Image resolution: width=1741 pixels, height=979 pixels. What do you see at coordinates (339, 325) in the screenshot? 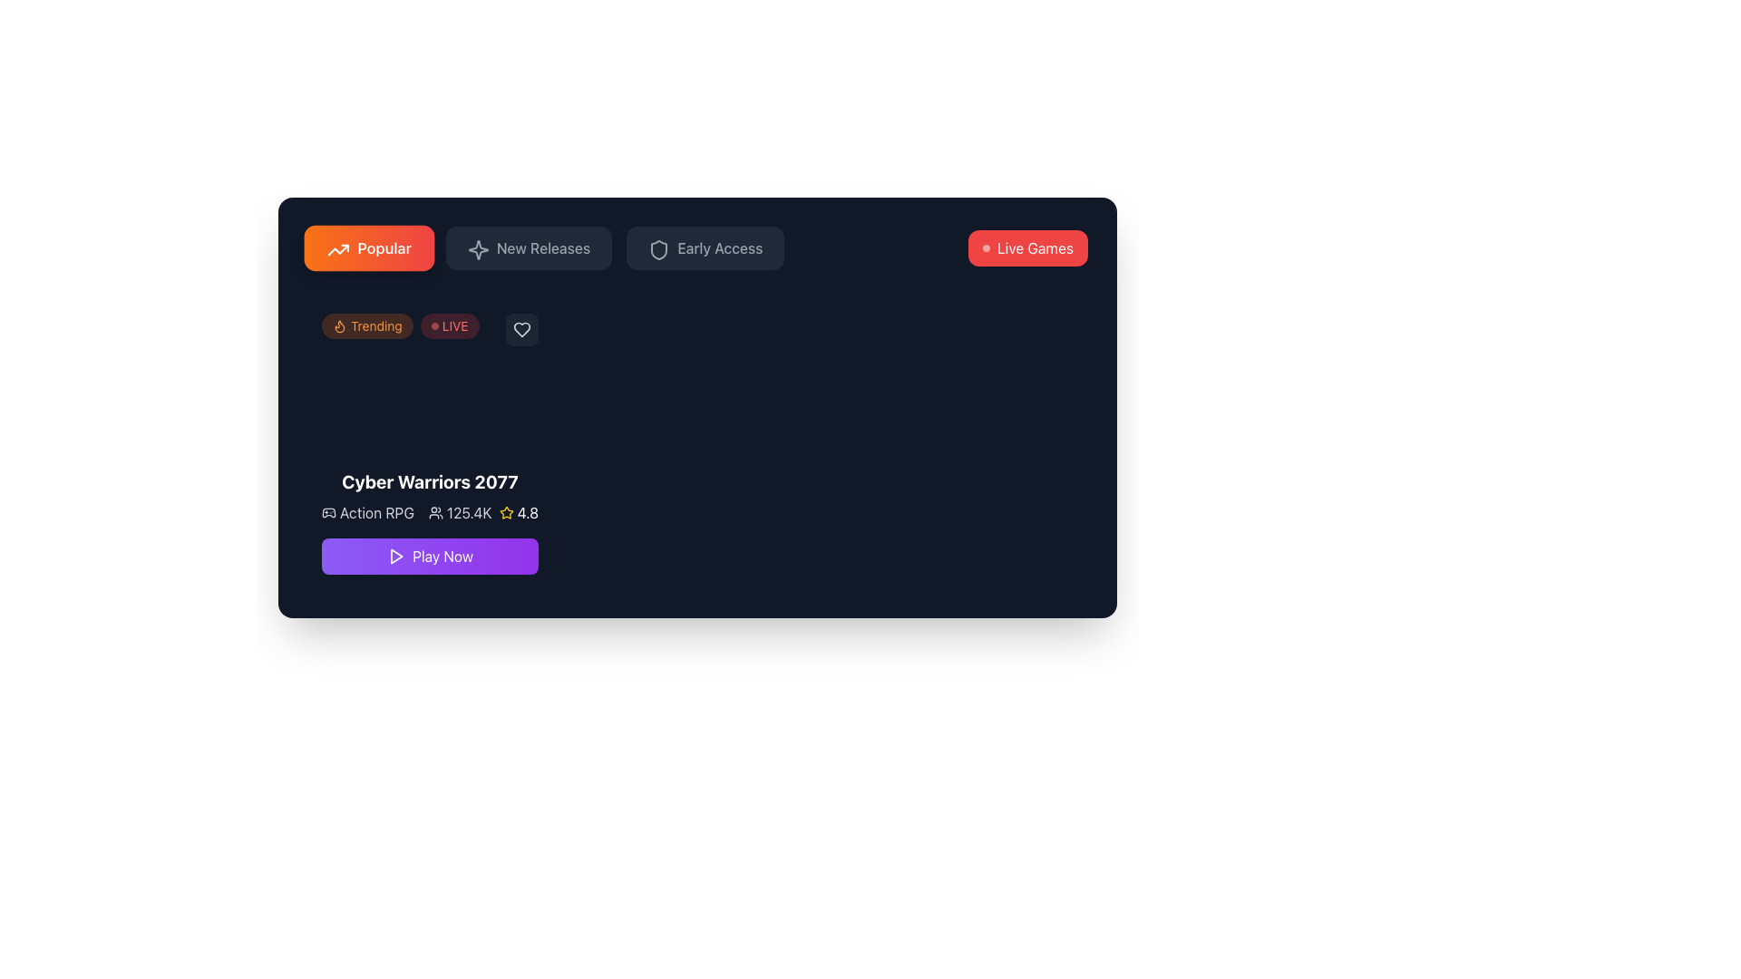
I see `the non-interactive graphical icon located at the upper left corner of the 'Trending' label within an orange-bordered rounded rectangle` at bounding box center [339, 325].